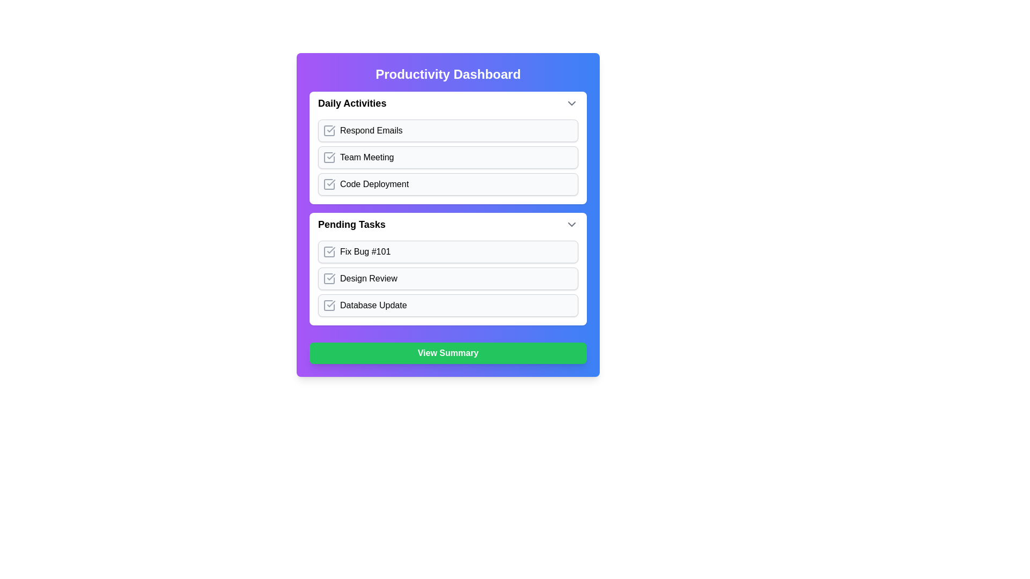 Image resolution: width=1030 pixels, height=579 pixels. What do you see at coordinates (329, 130) in the screenshot?
I see `the checkbox outline in the first row of the 'Daily Activities' section, which is located to the left of the label 'Respond Emails'` at bounding box center [329, 130].